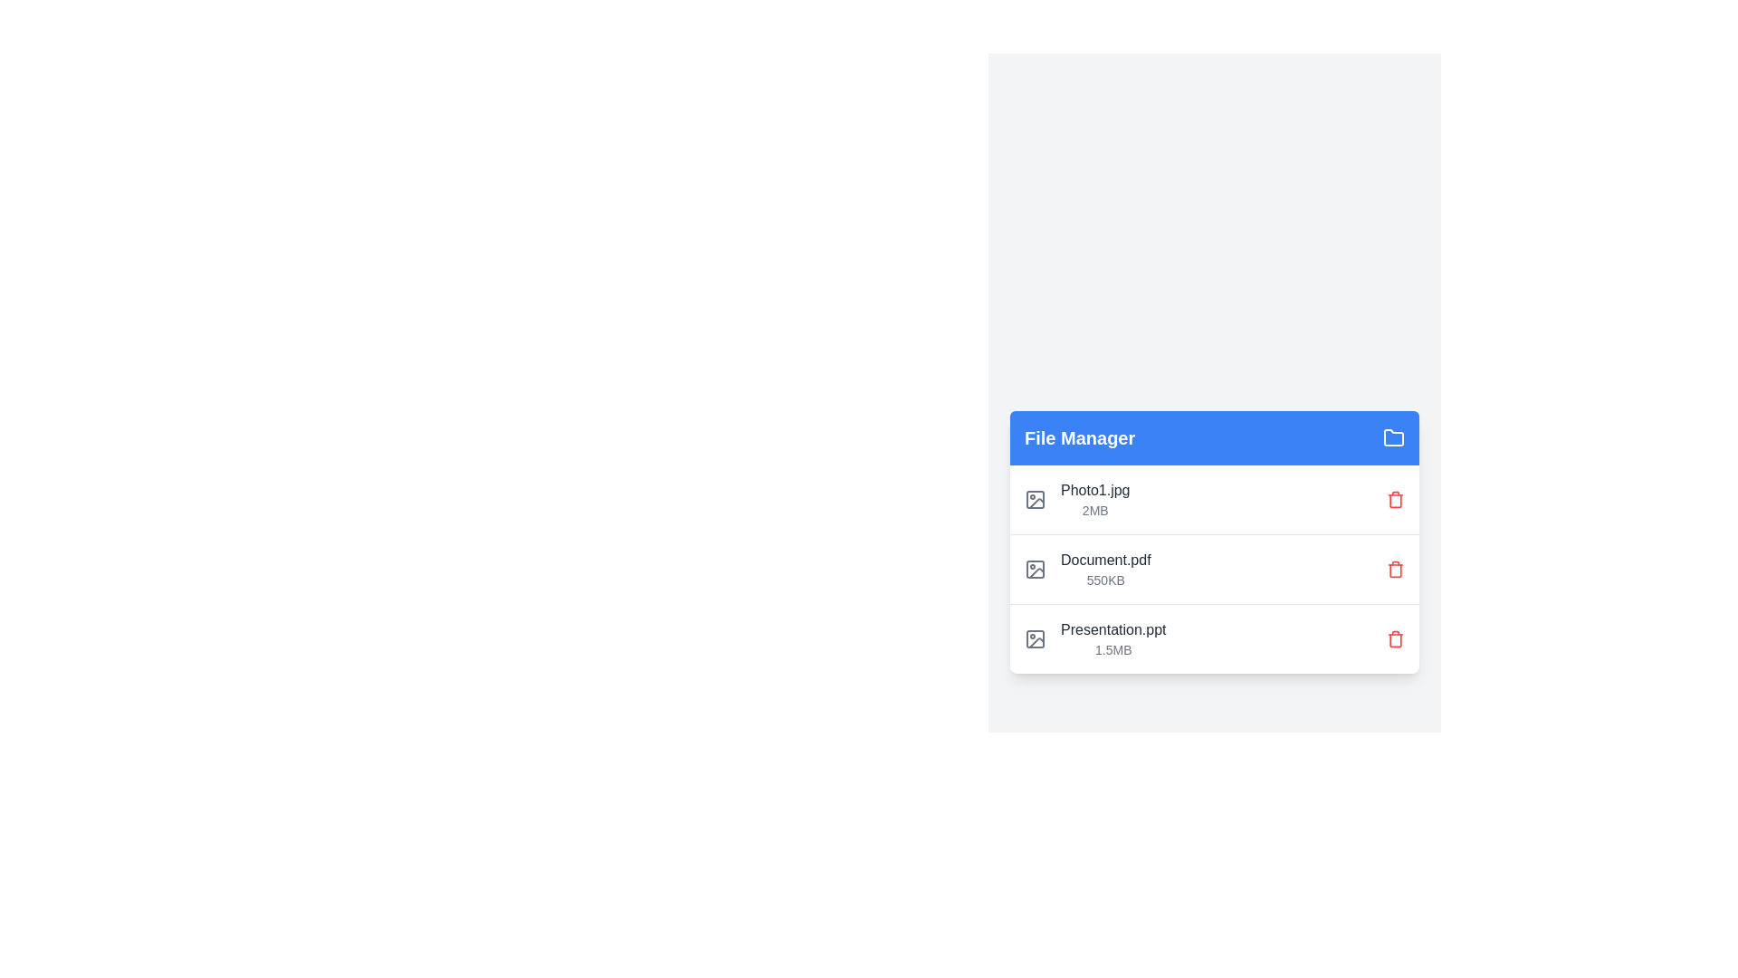  What do you see at coordinates (1035, 638) in the screenshot?
I see `the light gray icon resembling an image, which is positioned to the left of the 'Presentation.ppt' text in the file listing` at bounding box center [1035, 638].